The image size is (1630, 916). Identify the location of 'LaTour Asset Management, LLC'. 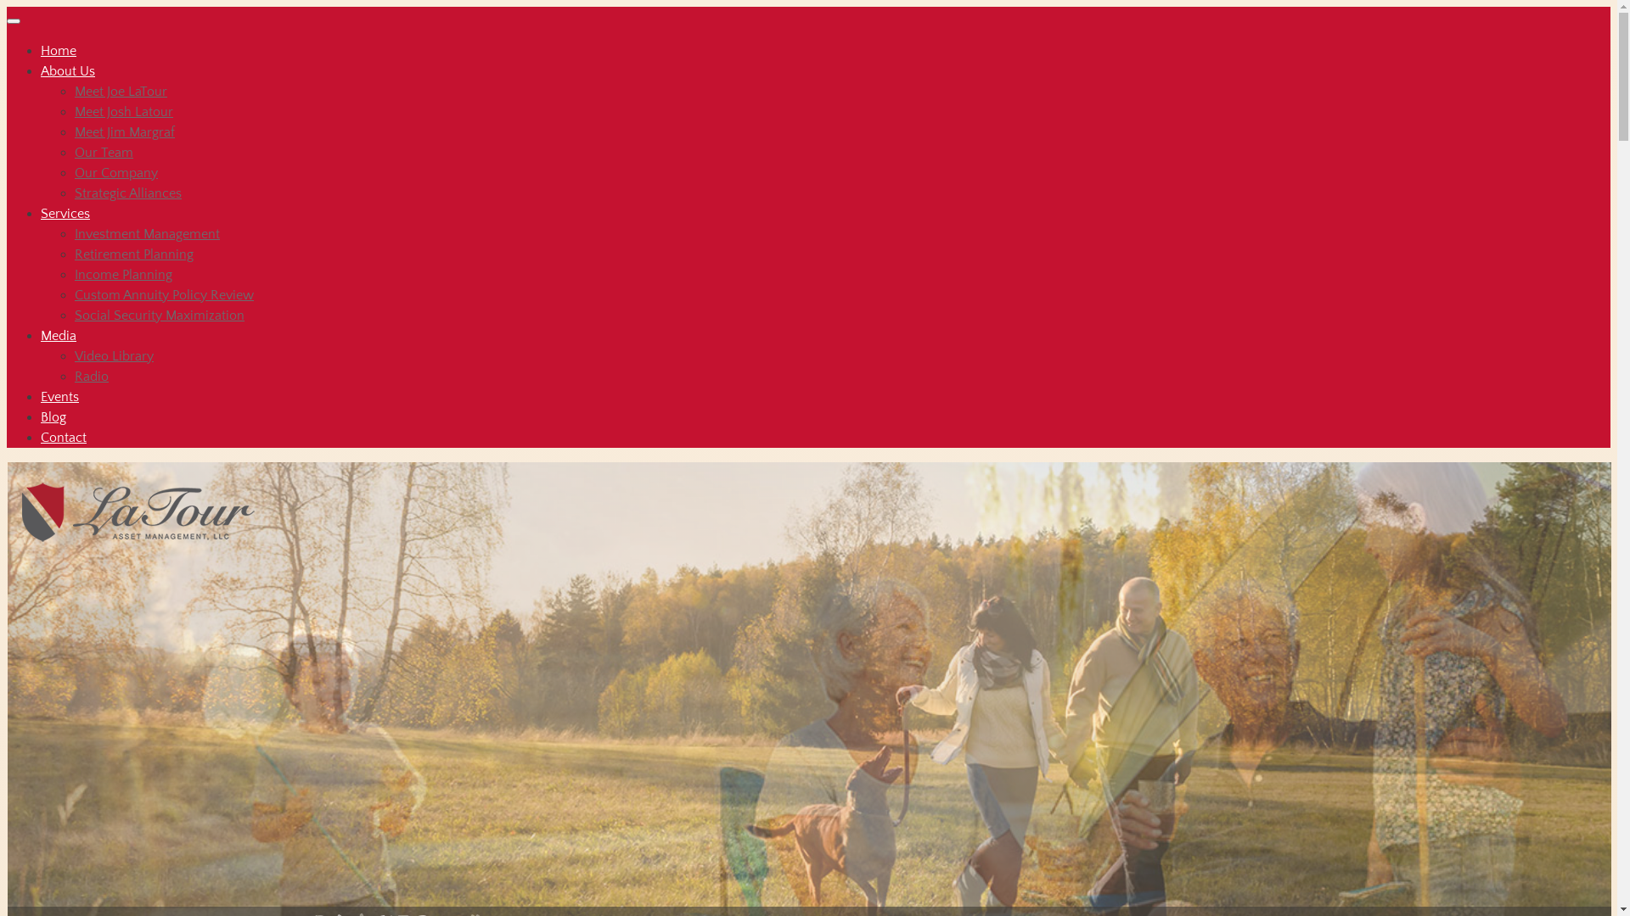
(143, 503).